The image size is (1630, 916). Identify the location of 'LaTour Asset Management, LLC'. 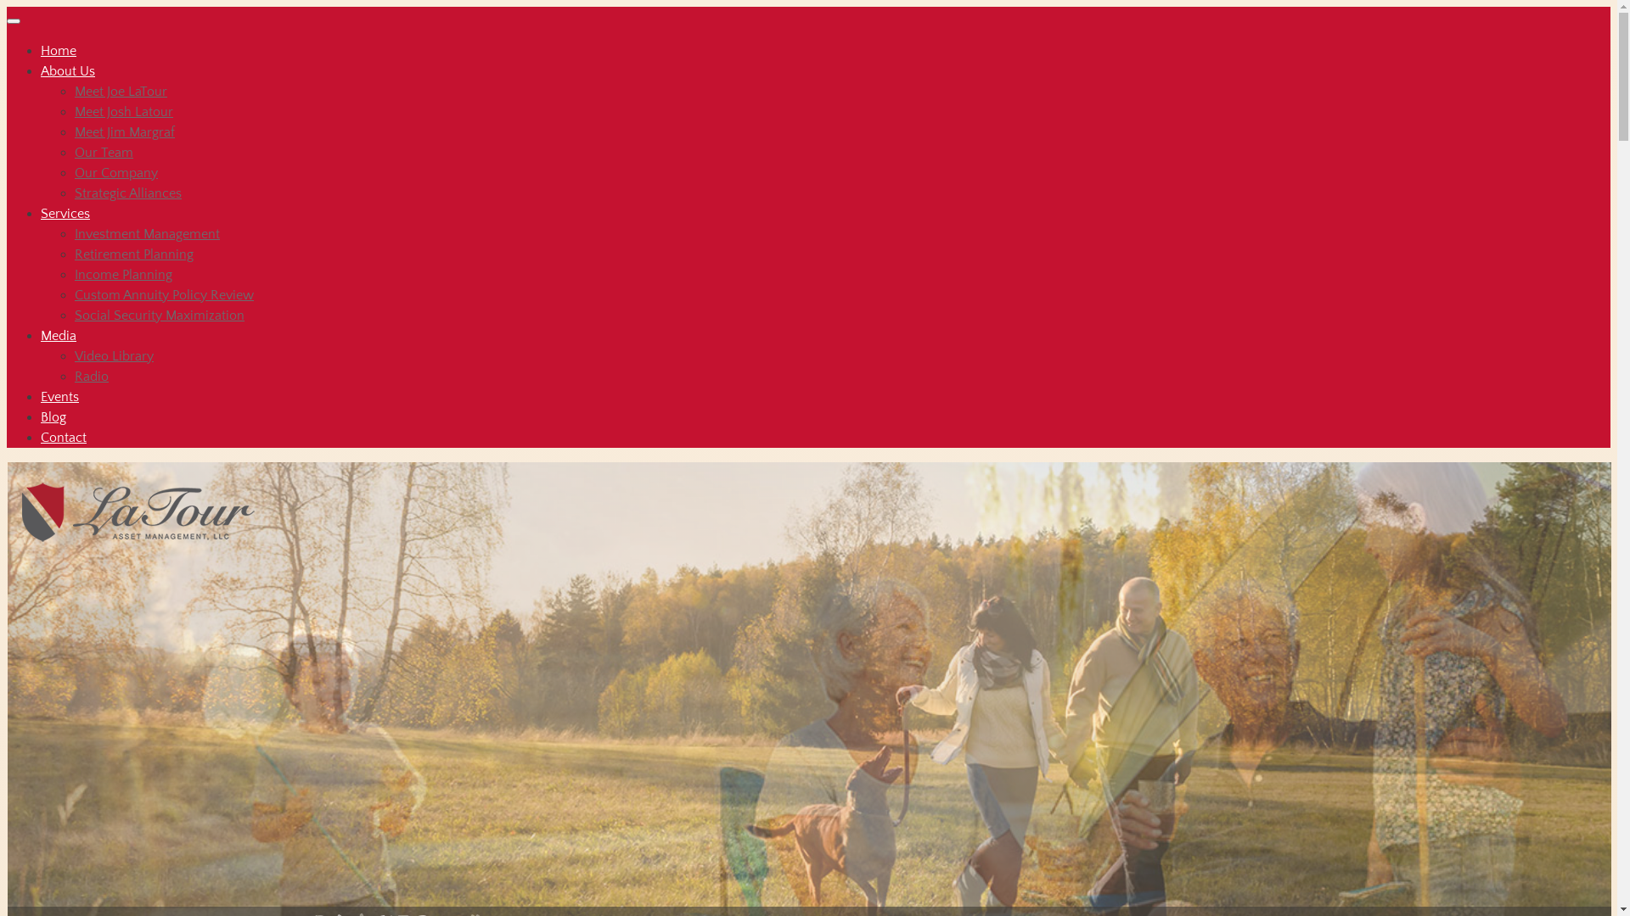
(143, 503).